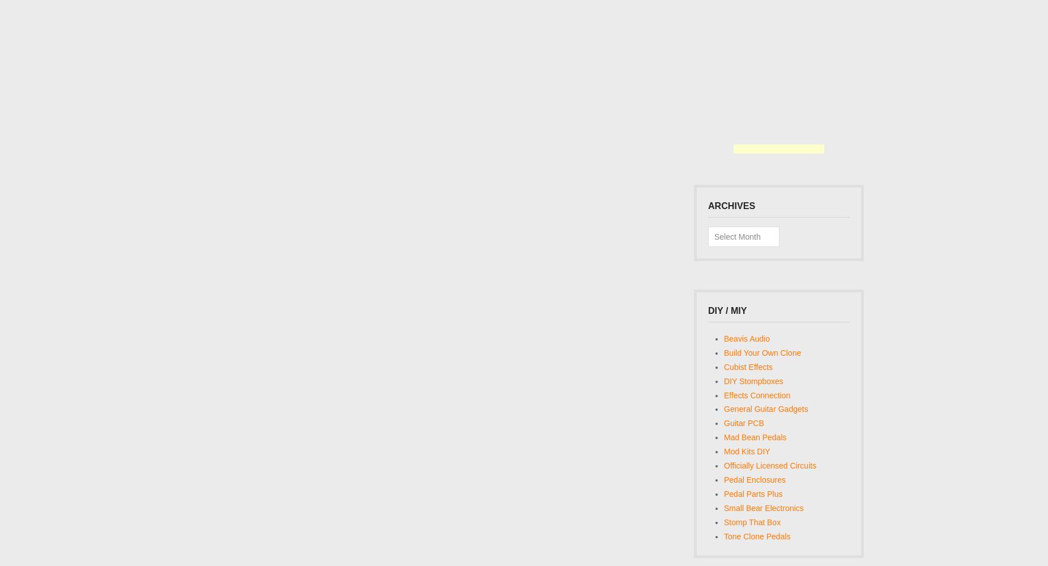 The height and width of the screenshot is (566, 1048). What do you see at coordinates (723, 437) in the screenshot?
I see `'Mad Bean Pedals'` at bounding box center [723, 437].